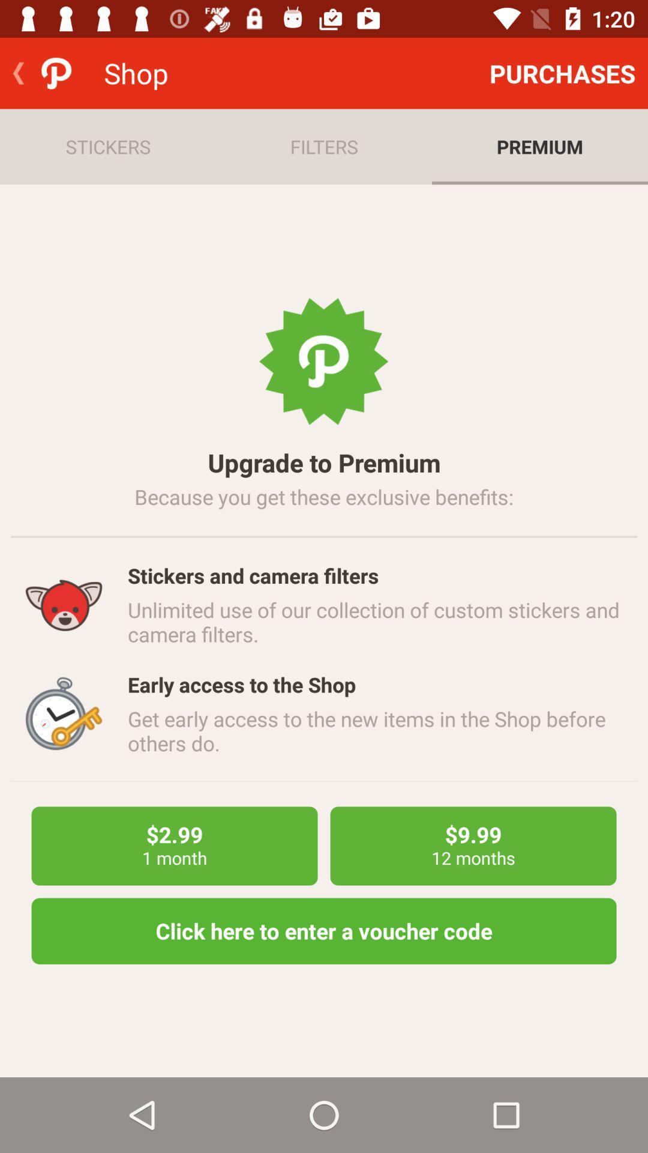 Image resolution: width=648 pixels, height=1153 pixels. What do you see at coordinates (562, 73) in the screenshot?
I see `the app above premium item` at bounding box center [562, 73].